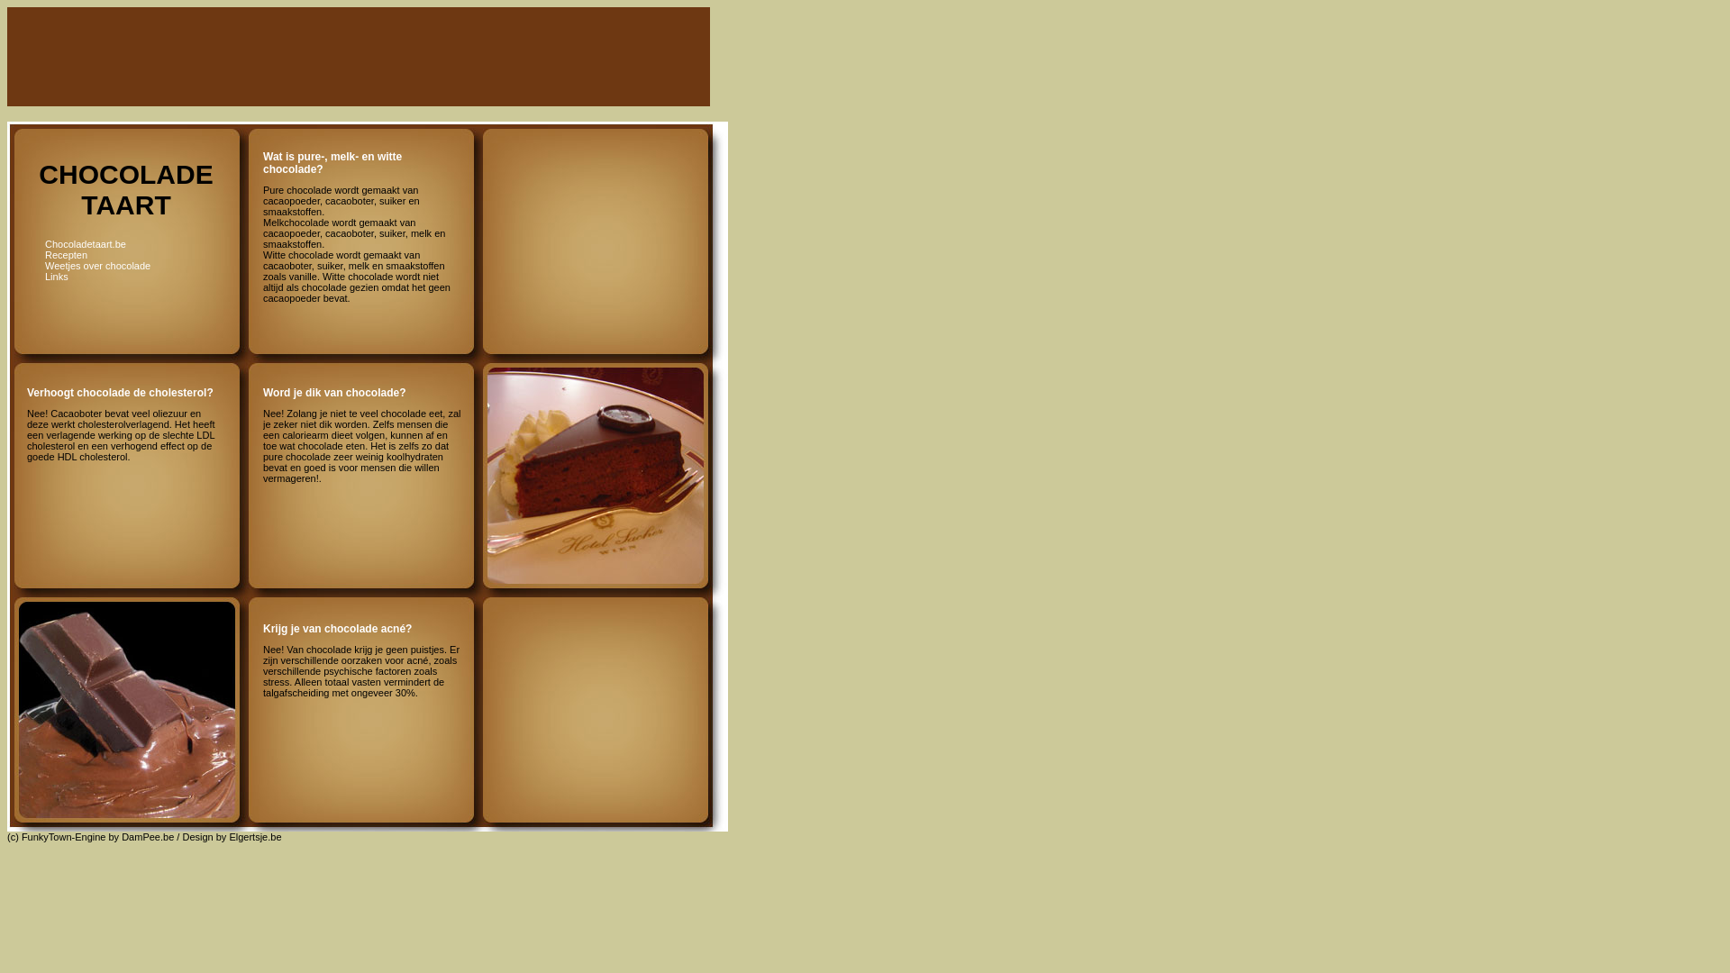  What do you see at coordinates (85, 243) in the screenshot?
I see `'Chocoladetaart.be'` at bounding box center [85, 243].